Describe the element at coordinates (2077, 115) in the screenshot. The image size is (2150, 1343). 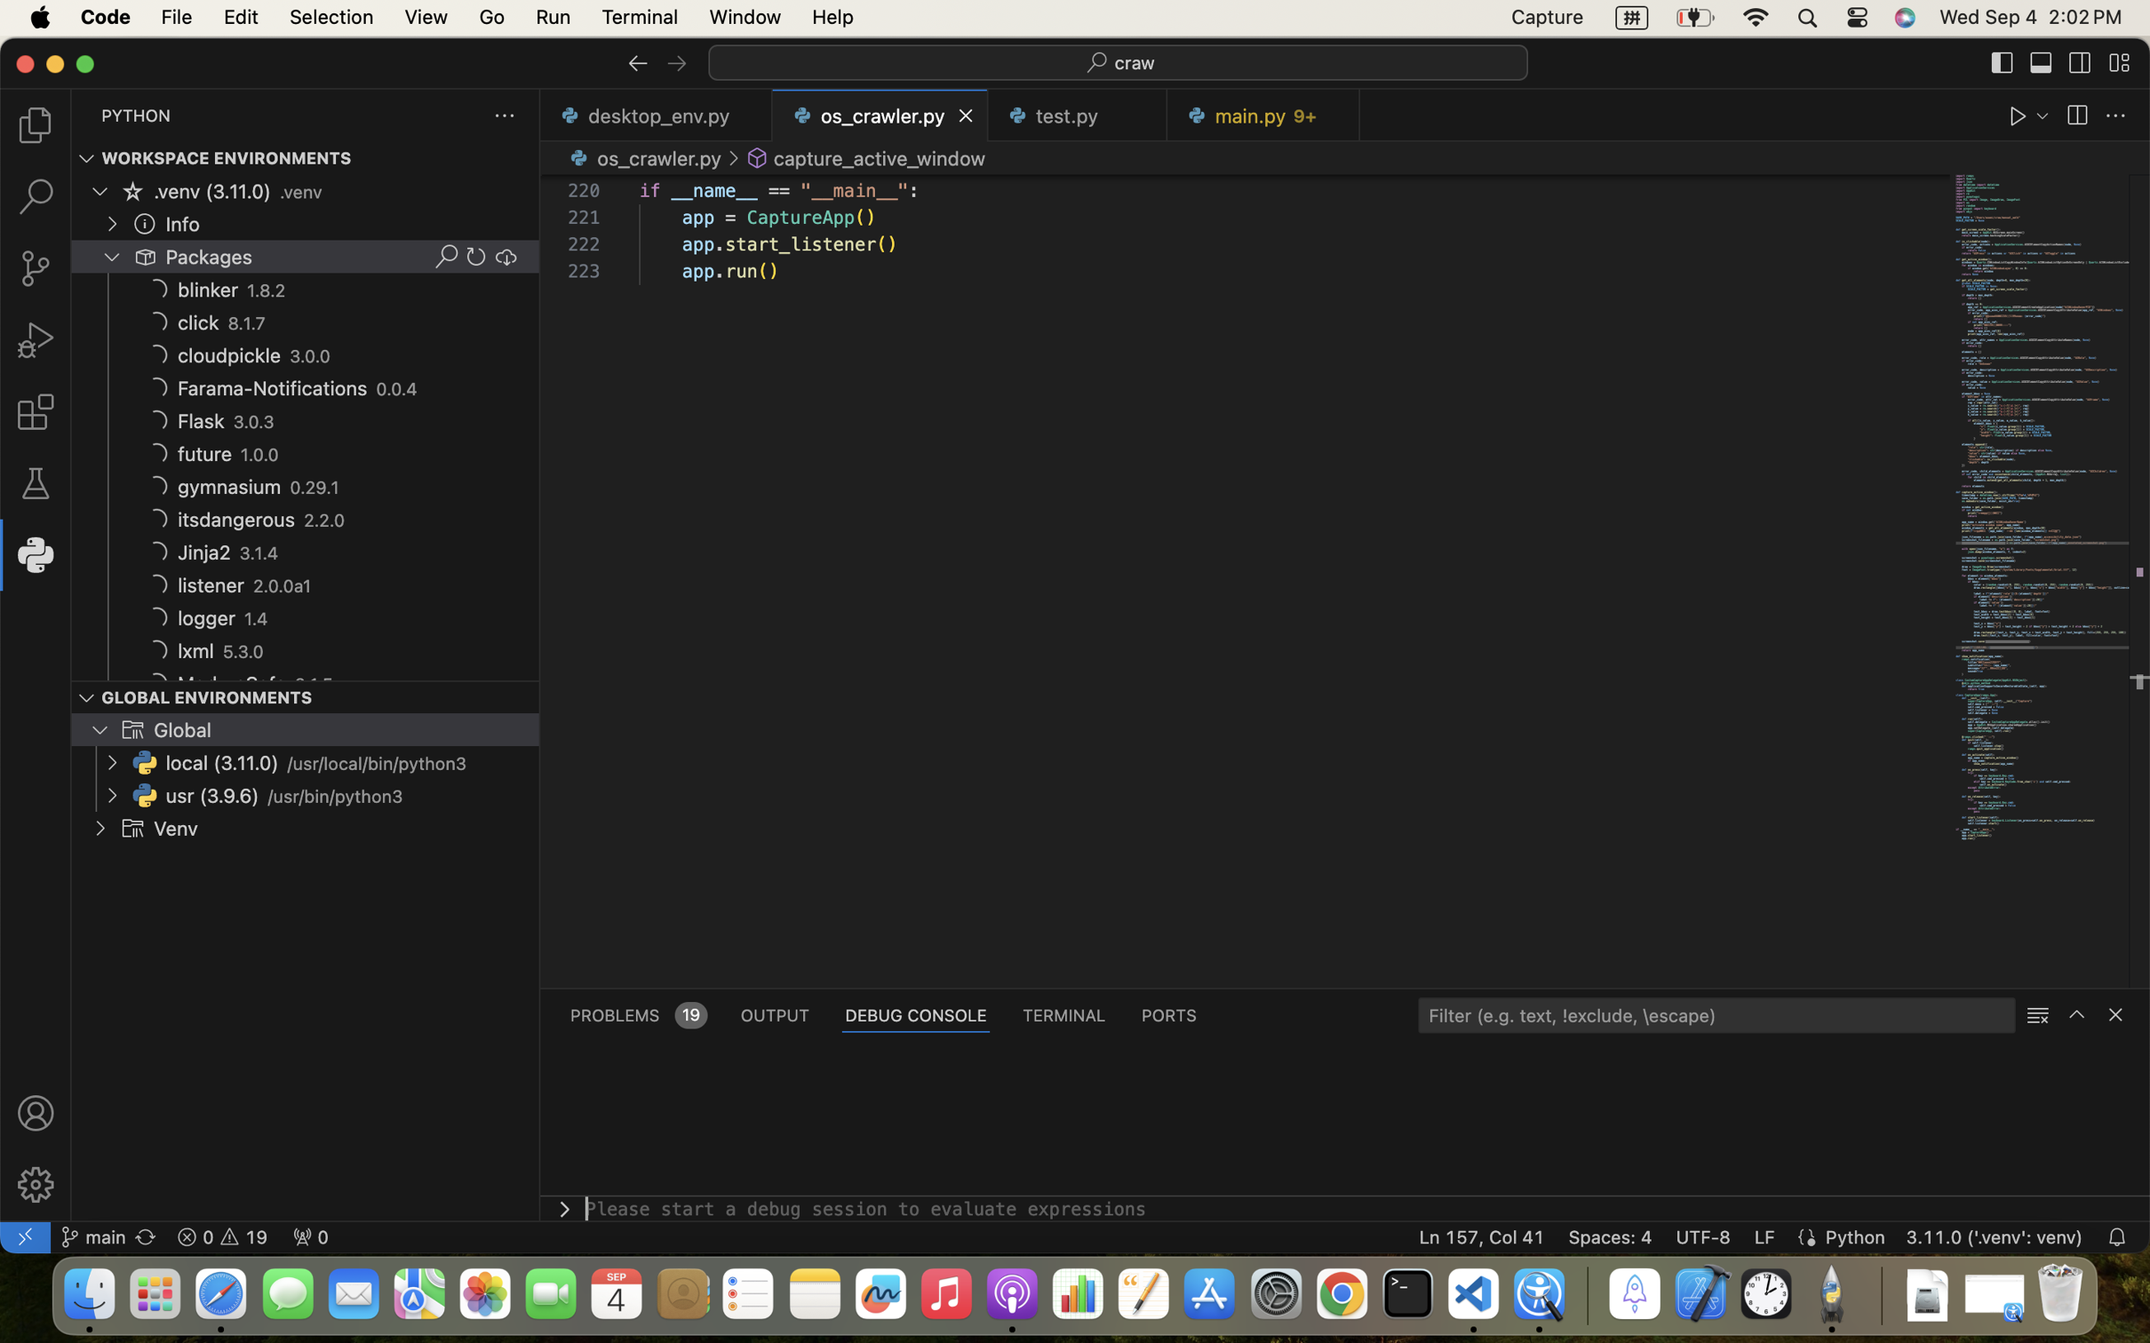
I see `''` at that location.